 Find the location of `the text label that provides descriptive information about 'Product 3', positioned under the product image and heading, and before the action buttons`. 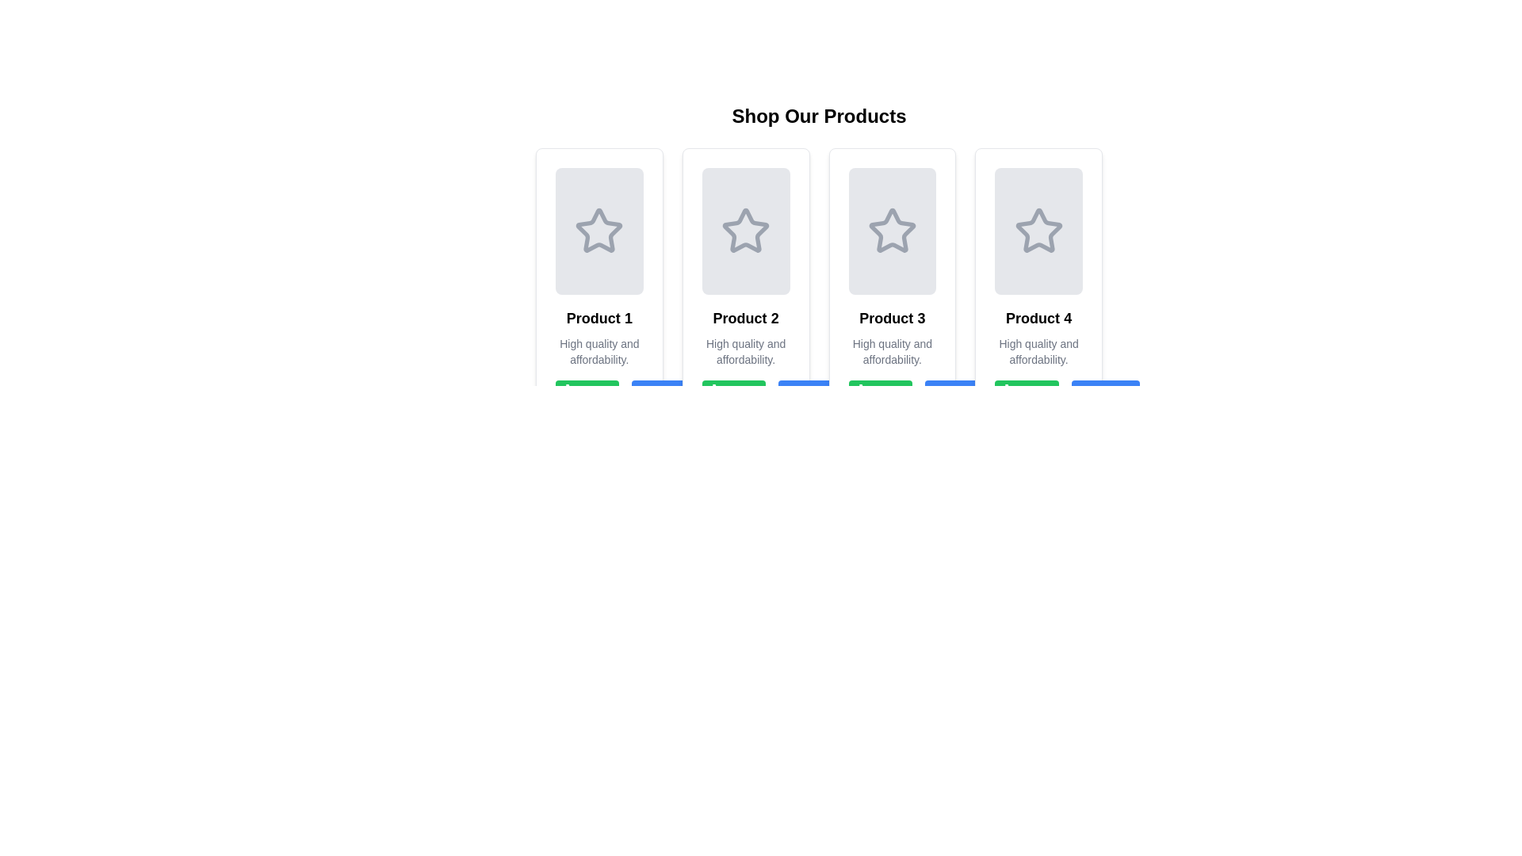

the text label that provides descriptive information about 'Product 3', positioned under the product image and heading, and before the action buttons is located at coordinates (892, 350).